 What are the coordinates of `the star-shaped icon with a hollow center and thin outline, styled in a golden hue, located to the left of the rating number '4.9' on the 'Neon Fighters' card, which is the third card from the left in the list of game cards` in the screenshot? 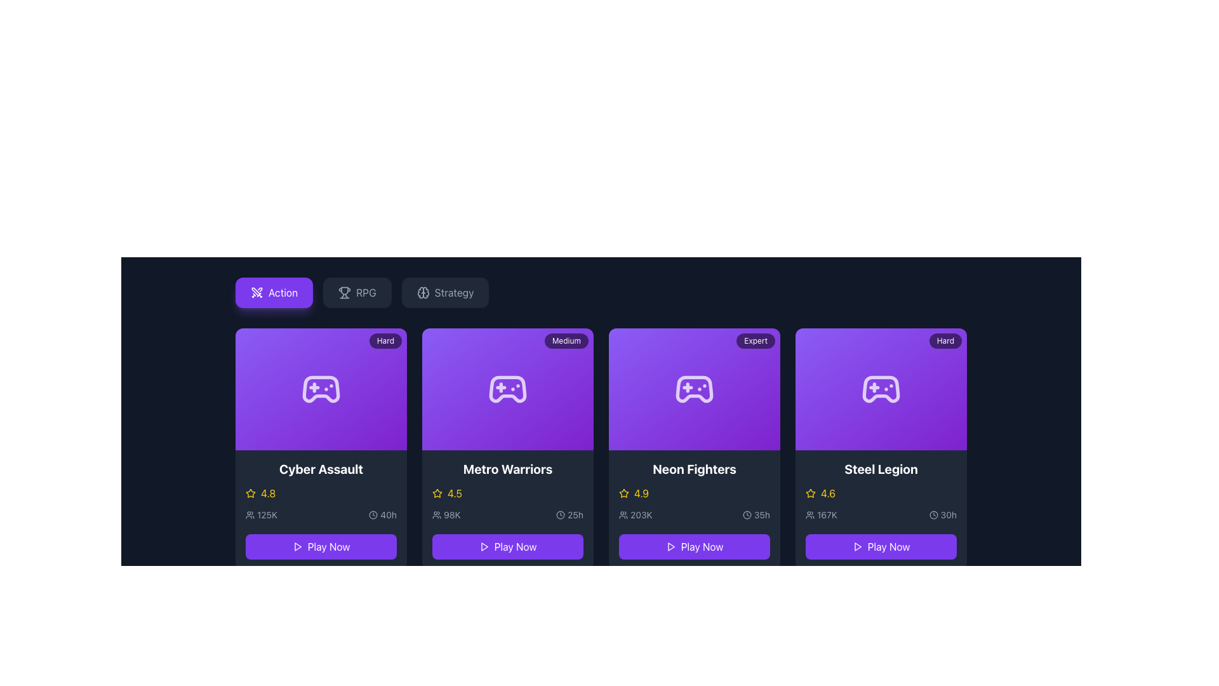 It's located at (624, 492).